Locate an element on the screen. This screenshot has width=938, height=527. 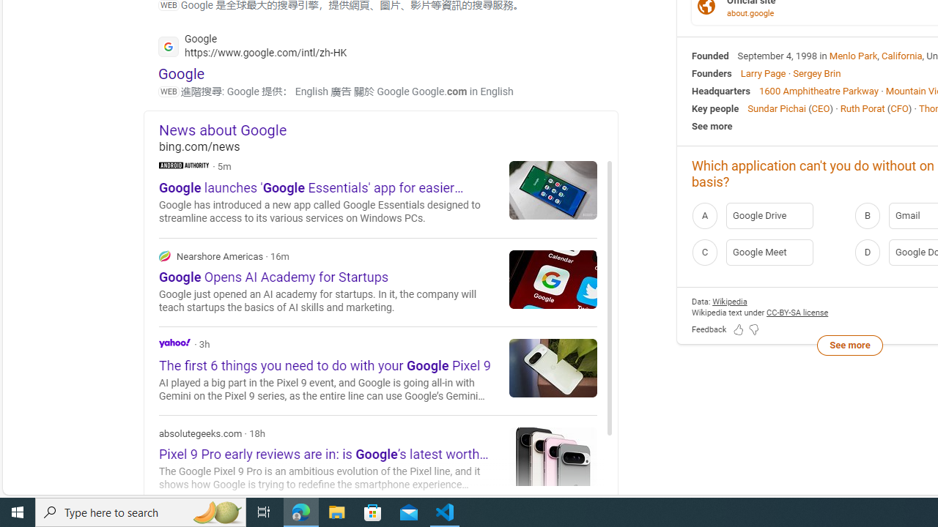
'CFO' is located at coordinates (898, 107).